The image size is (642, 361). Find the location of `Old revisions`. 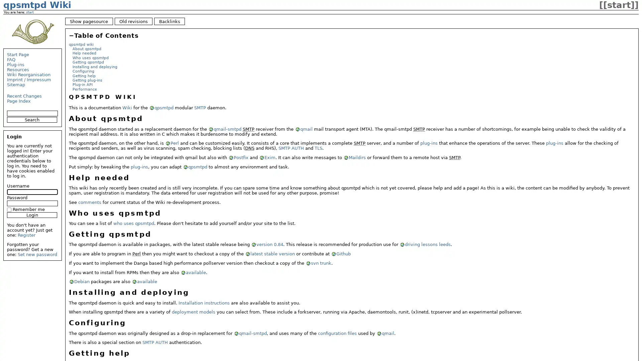

Old revisions is located at coordinates (133, 21).